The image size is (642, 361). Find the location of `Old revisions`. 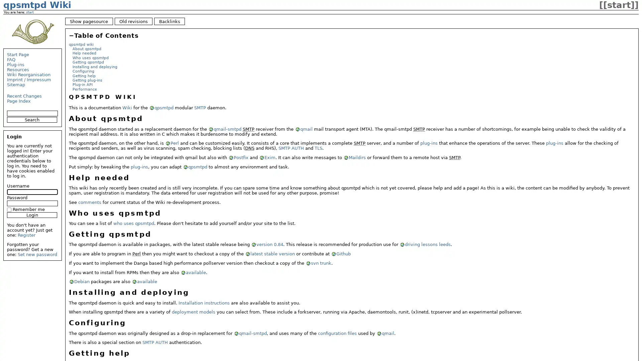

Old revisions is located at coordinates (133, 21).